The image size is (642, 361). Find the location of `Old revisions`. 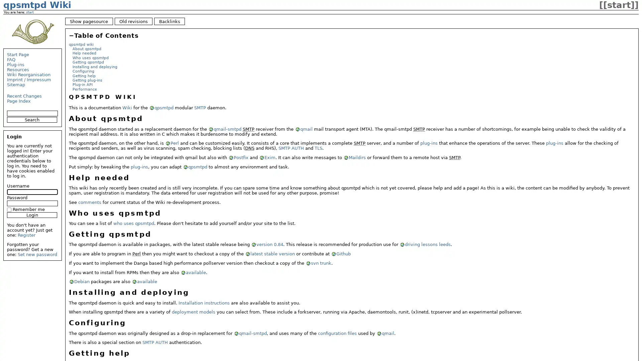

Old revisions is located at coordinates (133, 21).